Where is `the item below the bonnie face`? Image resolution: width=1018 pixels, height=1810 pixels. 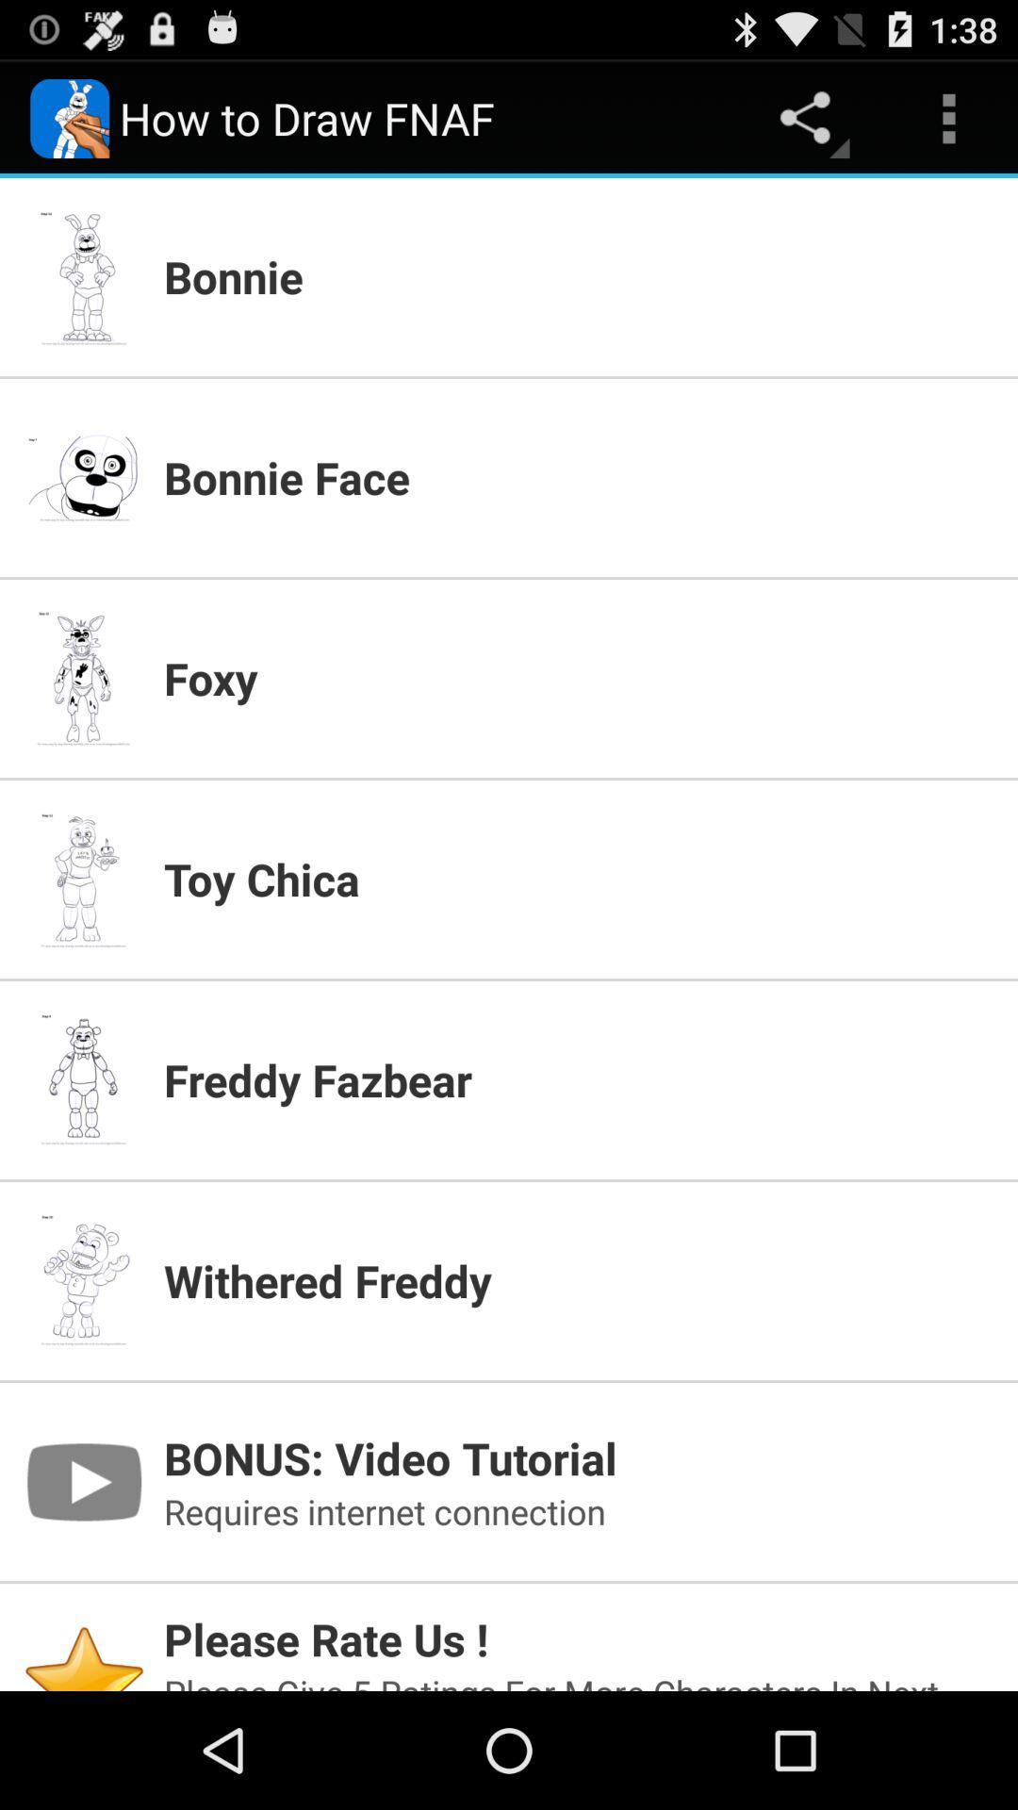 the item below the bonnie face is located at coordinates (578, 678).